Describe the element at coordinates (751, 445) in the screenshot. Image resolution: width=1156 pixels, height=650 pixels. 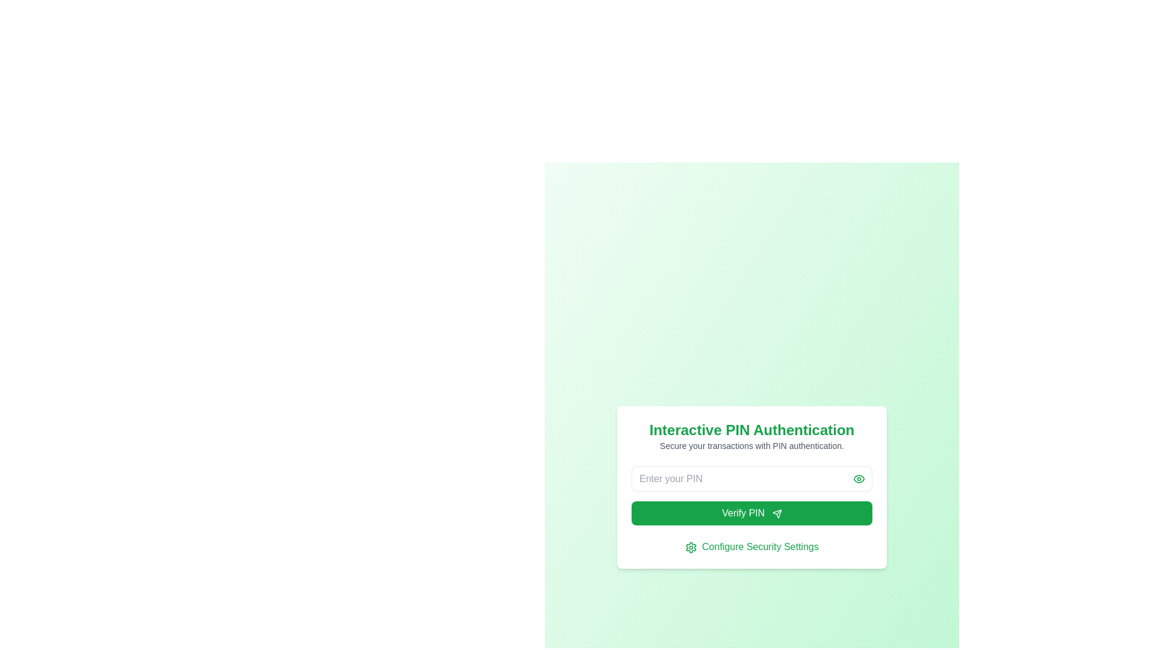
I see `subtitle text 'Secure your transactions with PIN authentication.' that is displayed in gray font below the heading 'Interactive PIN Authentication.'` at that location.